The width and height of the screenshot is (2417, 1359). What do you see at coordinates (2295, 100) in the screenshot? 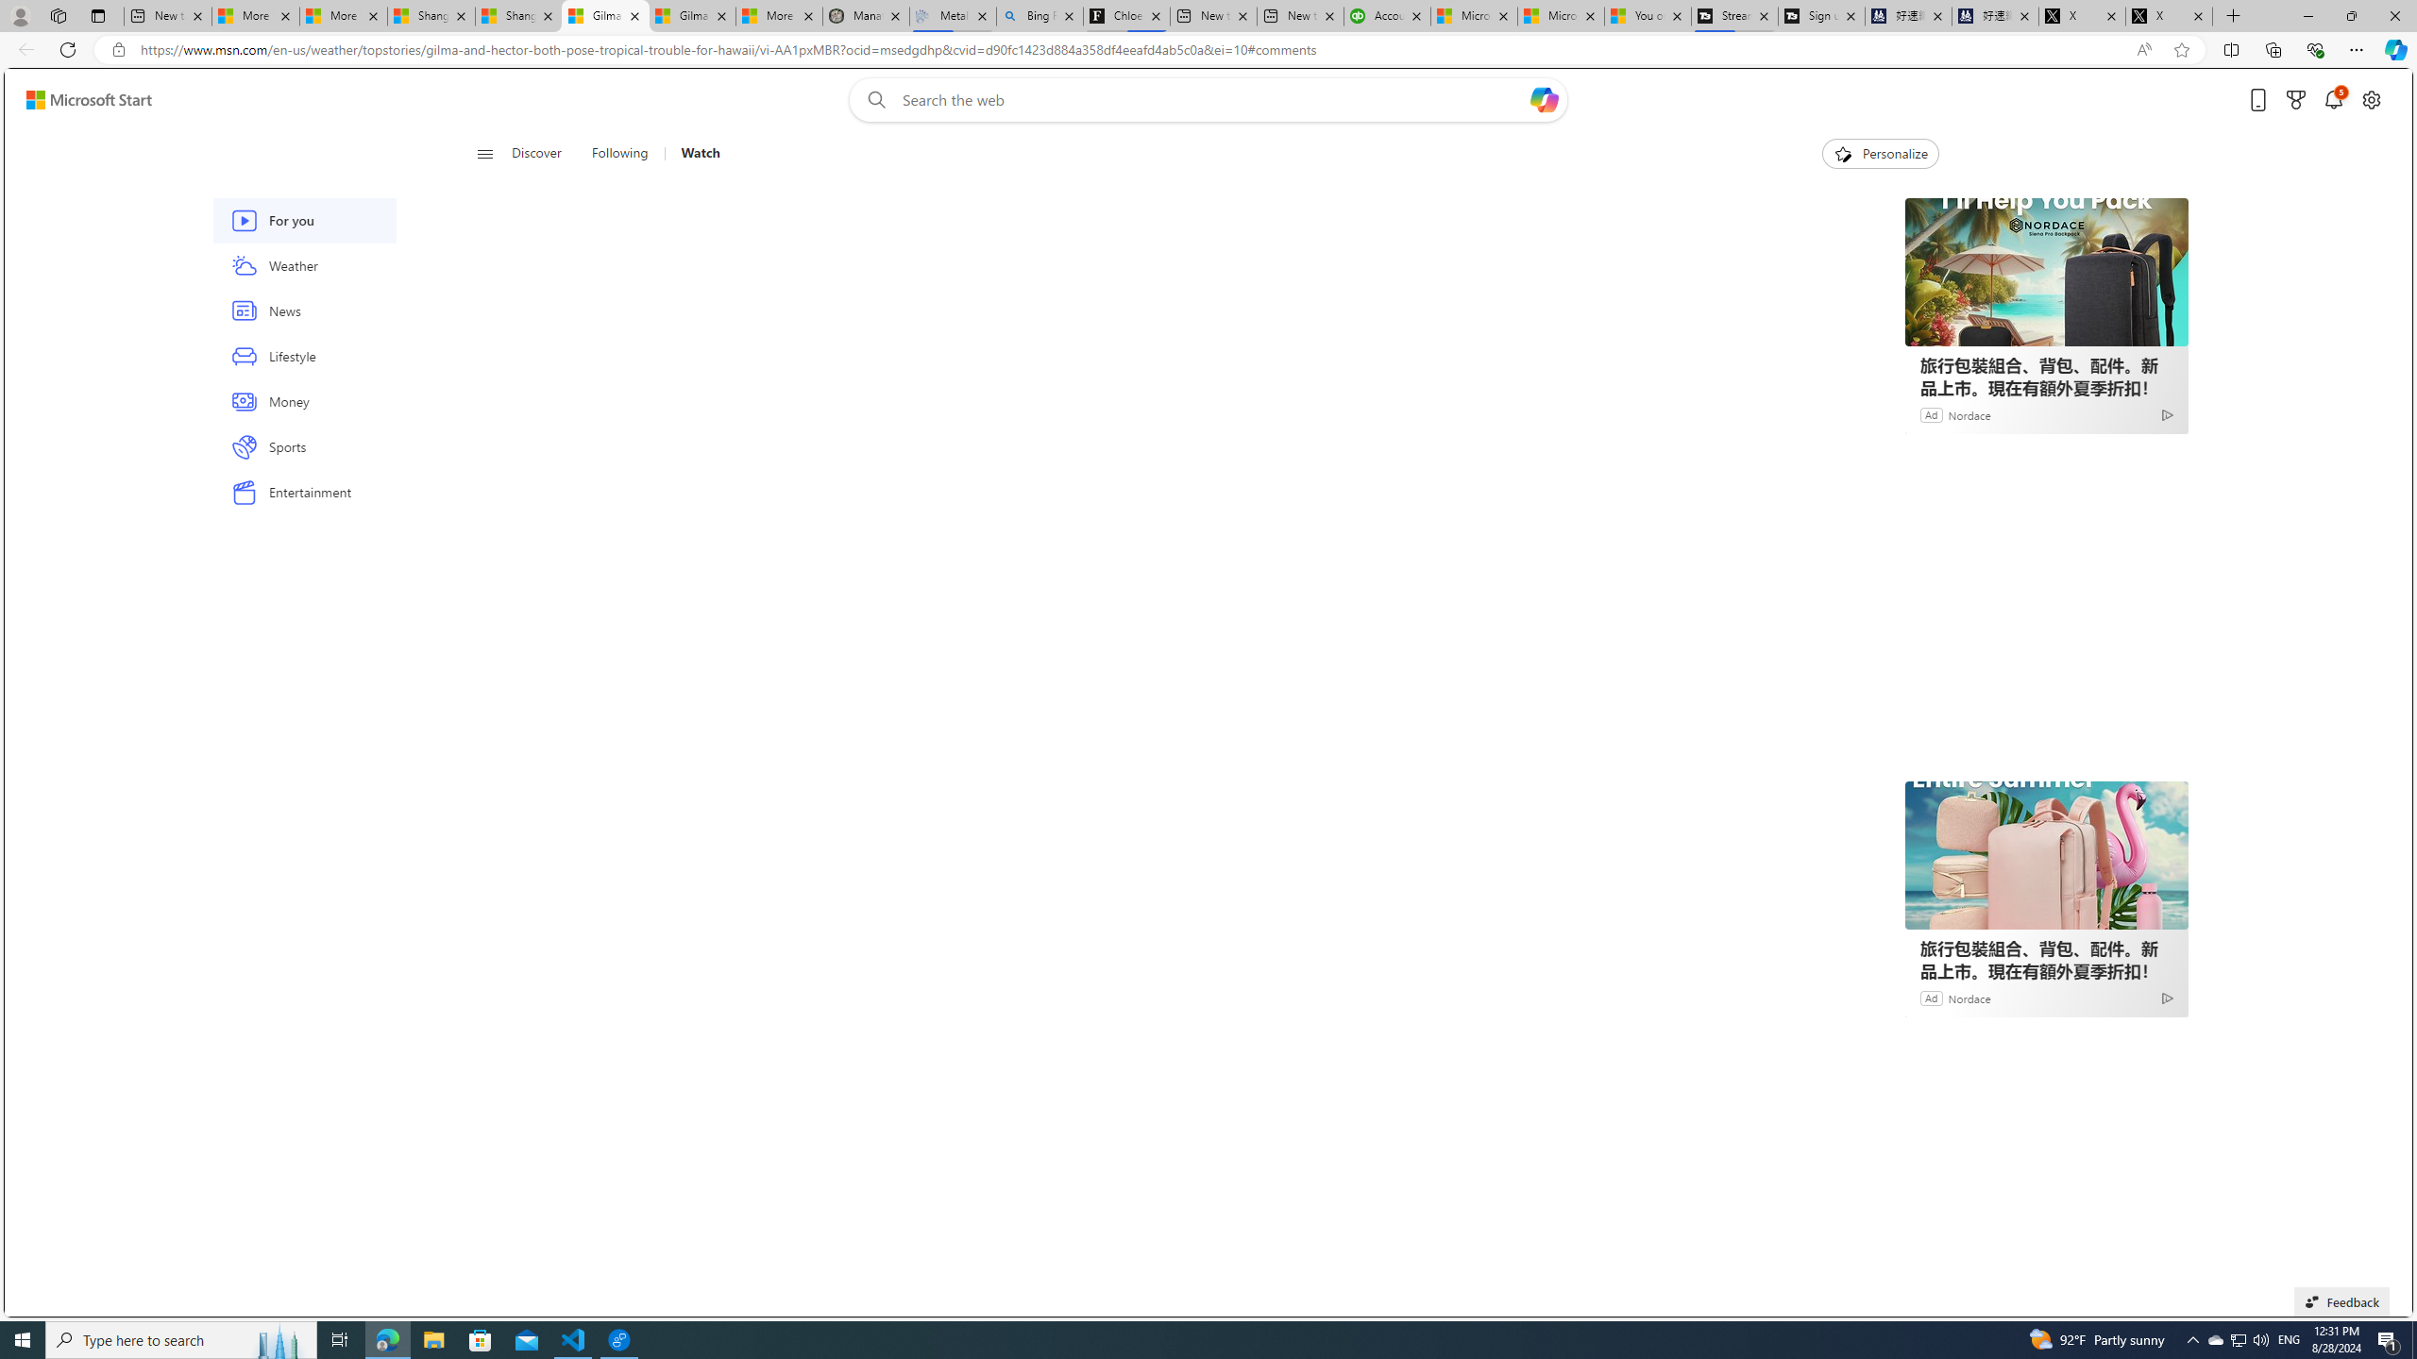
I see `'Microsoft rewards'` at bounding box center [2295, 100].